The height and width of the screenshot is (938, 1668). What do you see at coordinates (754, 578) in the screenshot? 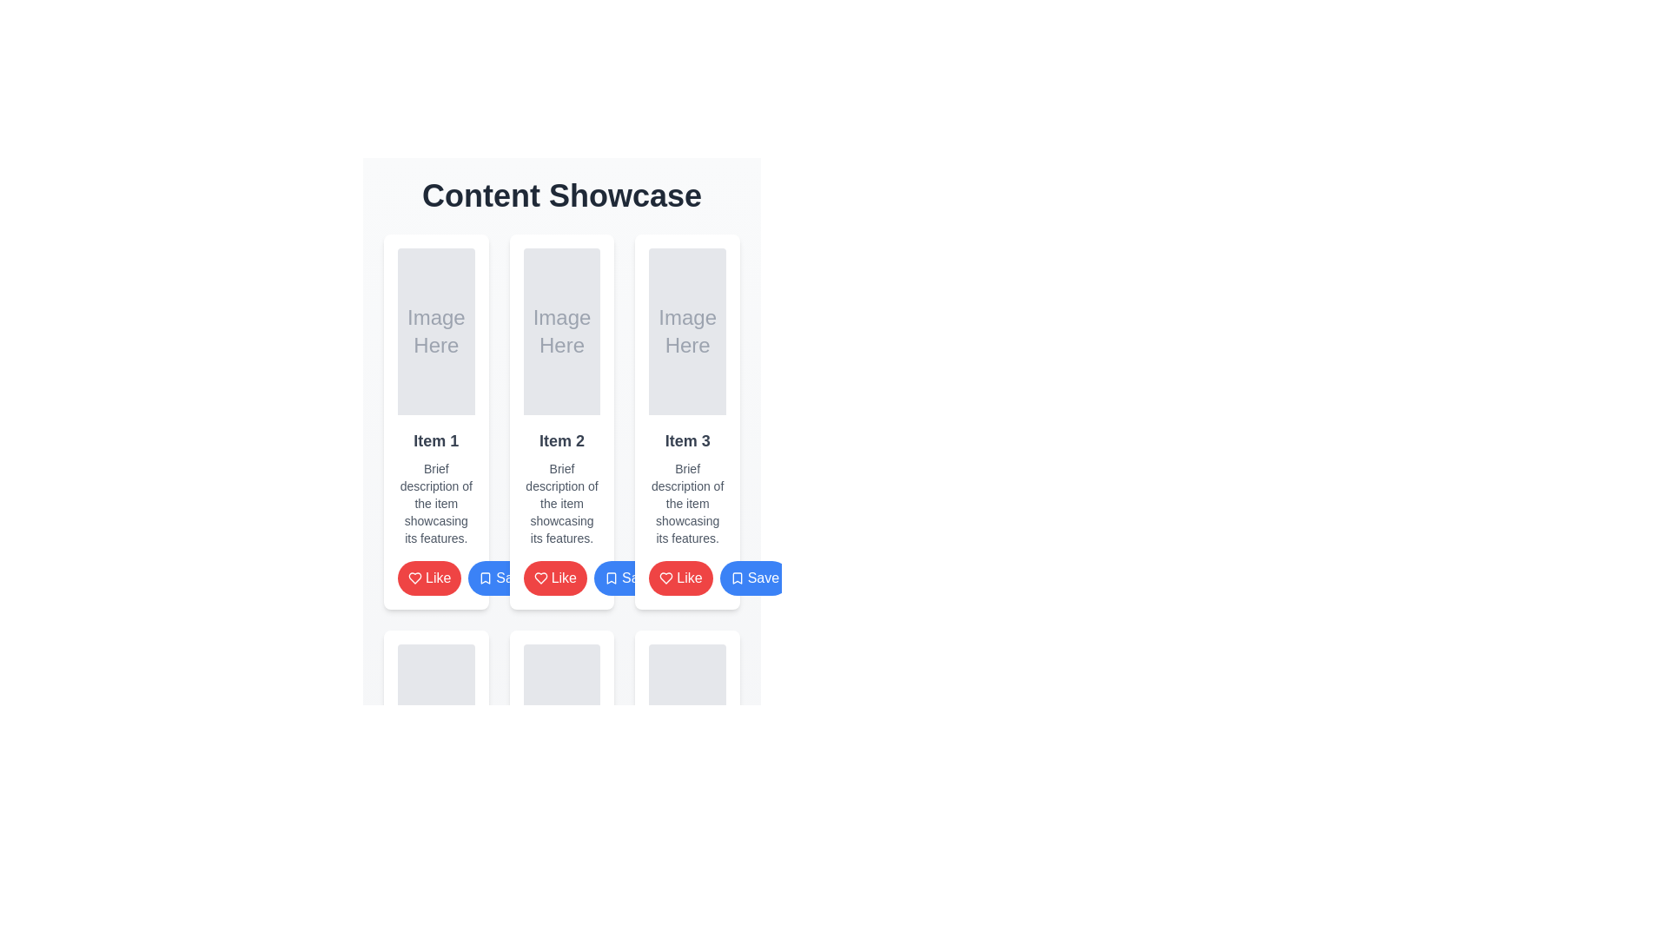
I see `the 'Save' button located within the third card under the 'Content Showcase' section` at bounding box center [754, 578].